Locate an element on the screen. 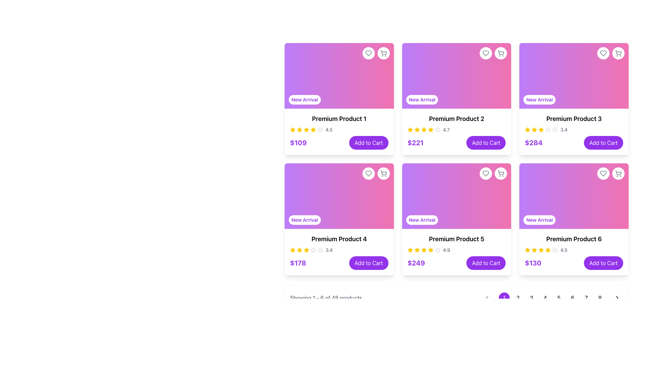 The image size is (656, 369). the third star icon in the rating display of the 'Premium Product 1' card, which is visually represented in yellow with rounded edges and partially filled to indicate its rating is located at coordinates (300, 130).